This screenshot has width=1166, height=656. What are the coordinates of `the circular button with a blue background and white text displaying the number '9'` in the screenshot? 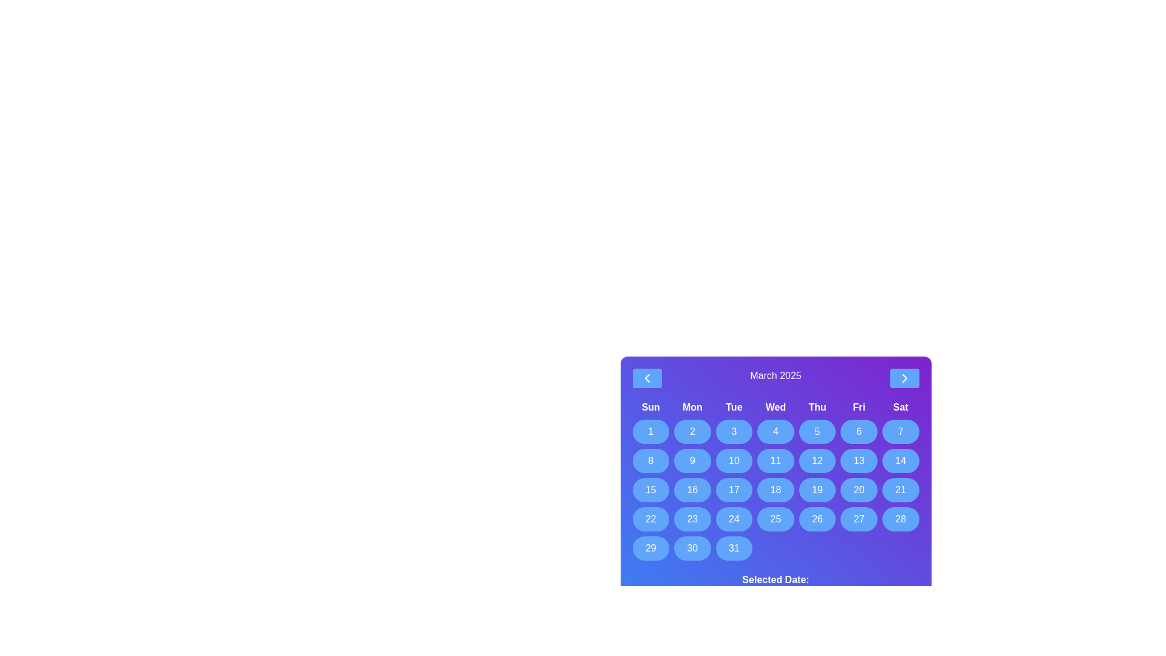 It's located at (692, 461).